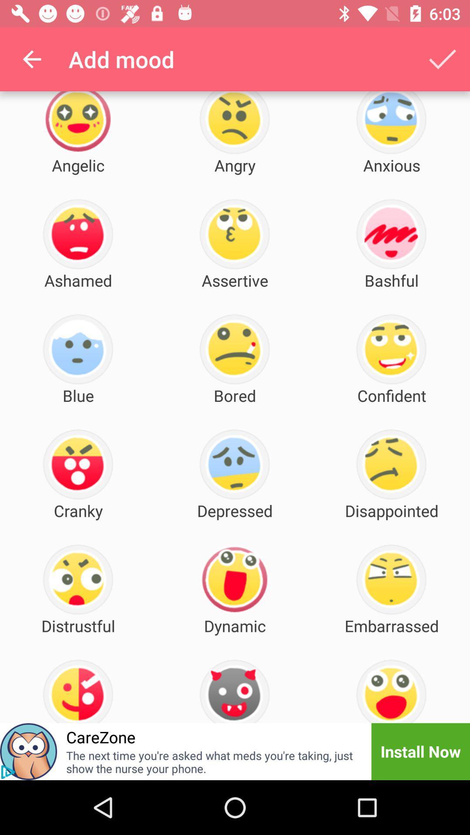 The width and height of the screenshot is (470, 835). What do you see at coordinates (31, 59) in the screenshot?
I see `the icon next to the add mood` at bounding box center [31, 59].